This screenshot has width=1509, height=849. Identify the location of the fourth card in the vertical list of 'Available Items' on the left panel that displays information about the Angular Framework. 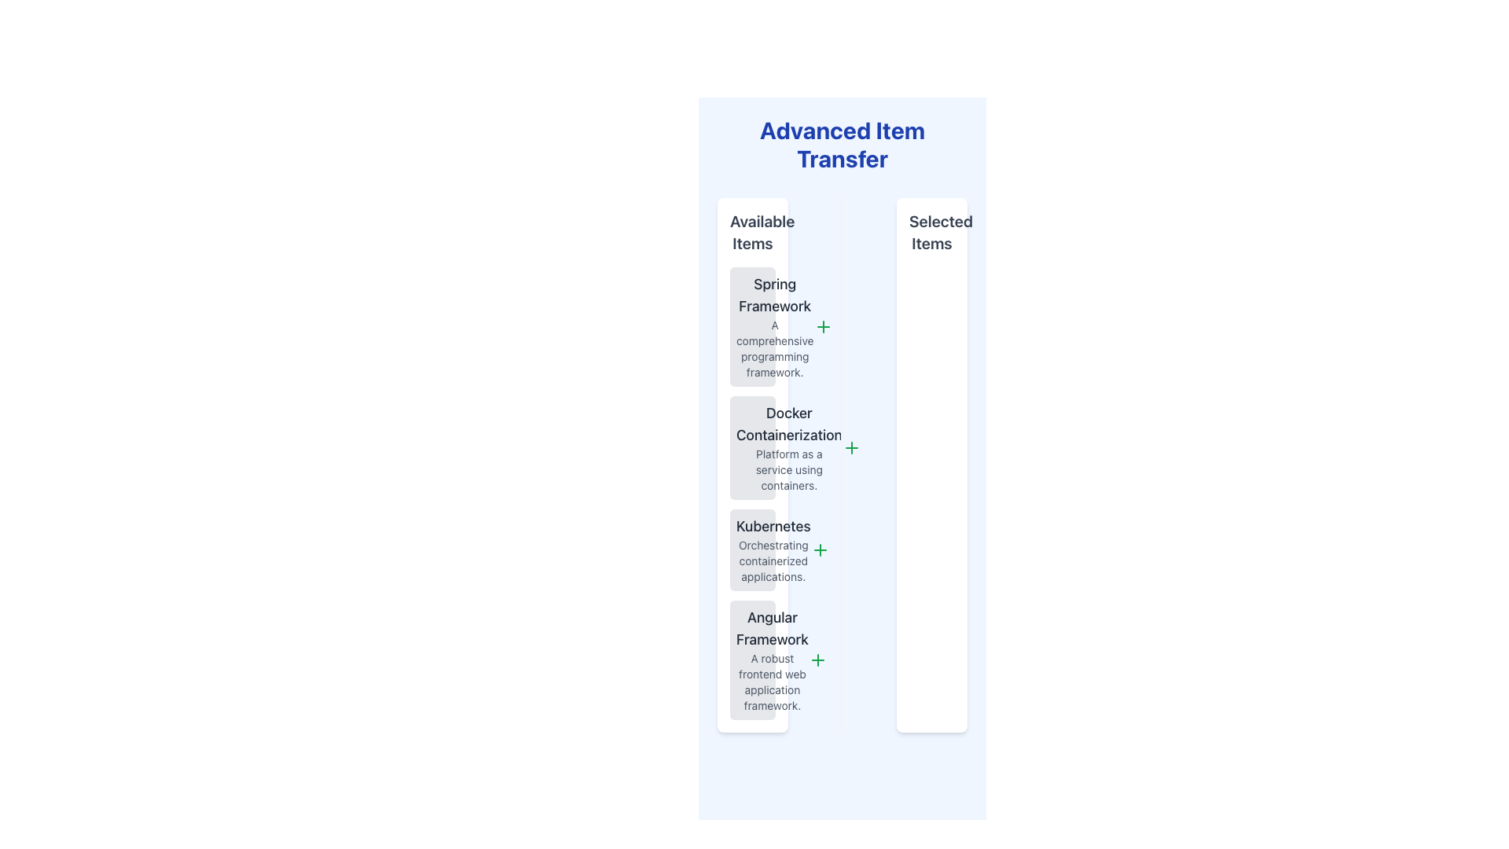
(773, 660).